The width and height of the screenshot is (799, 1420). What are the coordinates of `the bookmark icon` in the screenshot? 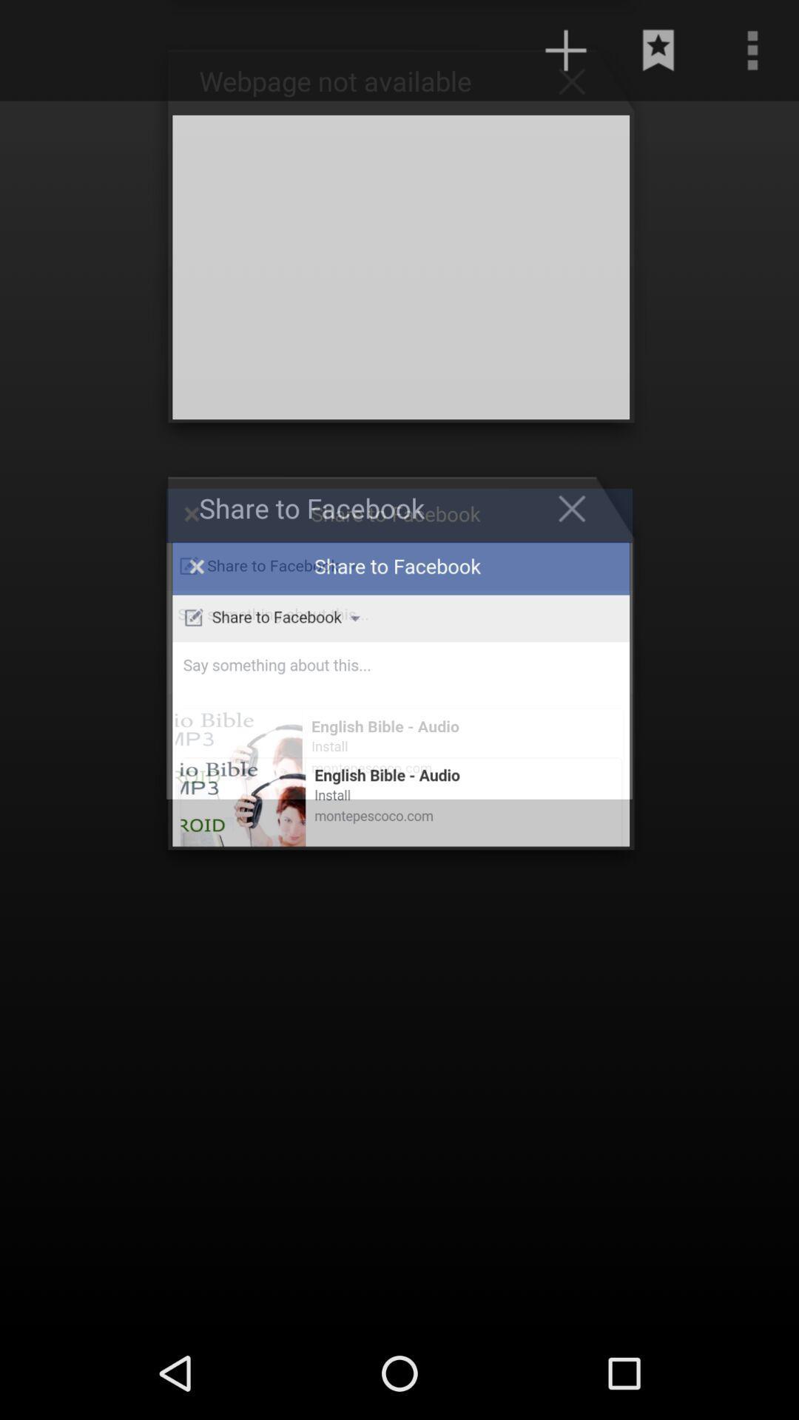 It's located at (658, 53).